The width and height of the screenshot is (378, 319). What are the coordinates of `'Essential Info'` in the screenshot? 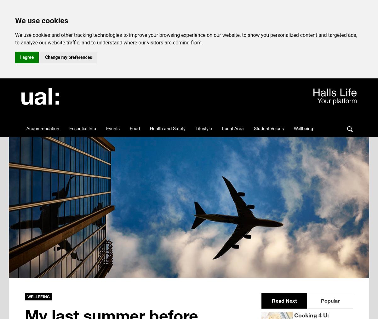 It's located at (82, 128).